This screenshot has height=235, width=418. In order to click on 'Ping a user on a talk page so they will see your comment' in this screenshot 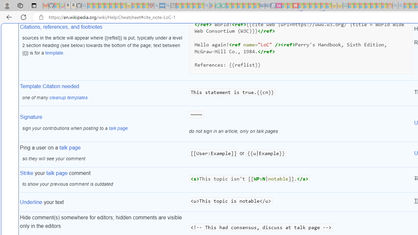, I will do `click(104, 154)`.